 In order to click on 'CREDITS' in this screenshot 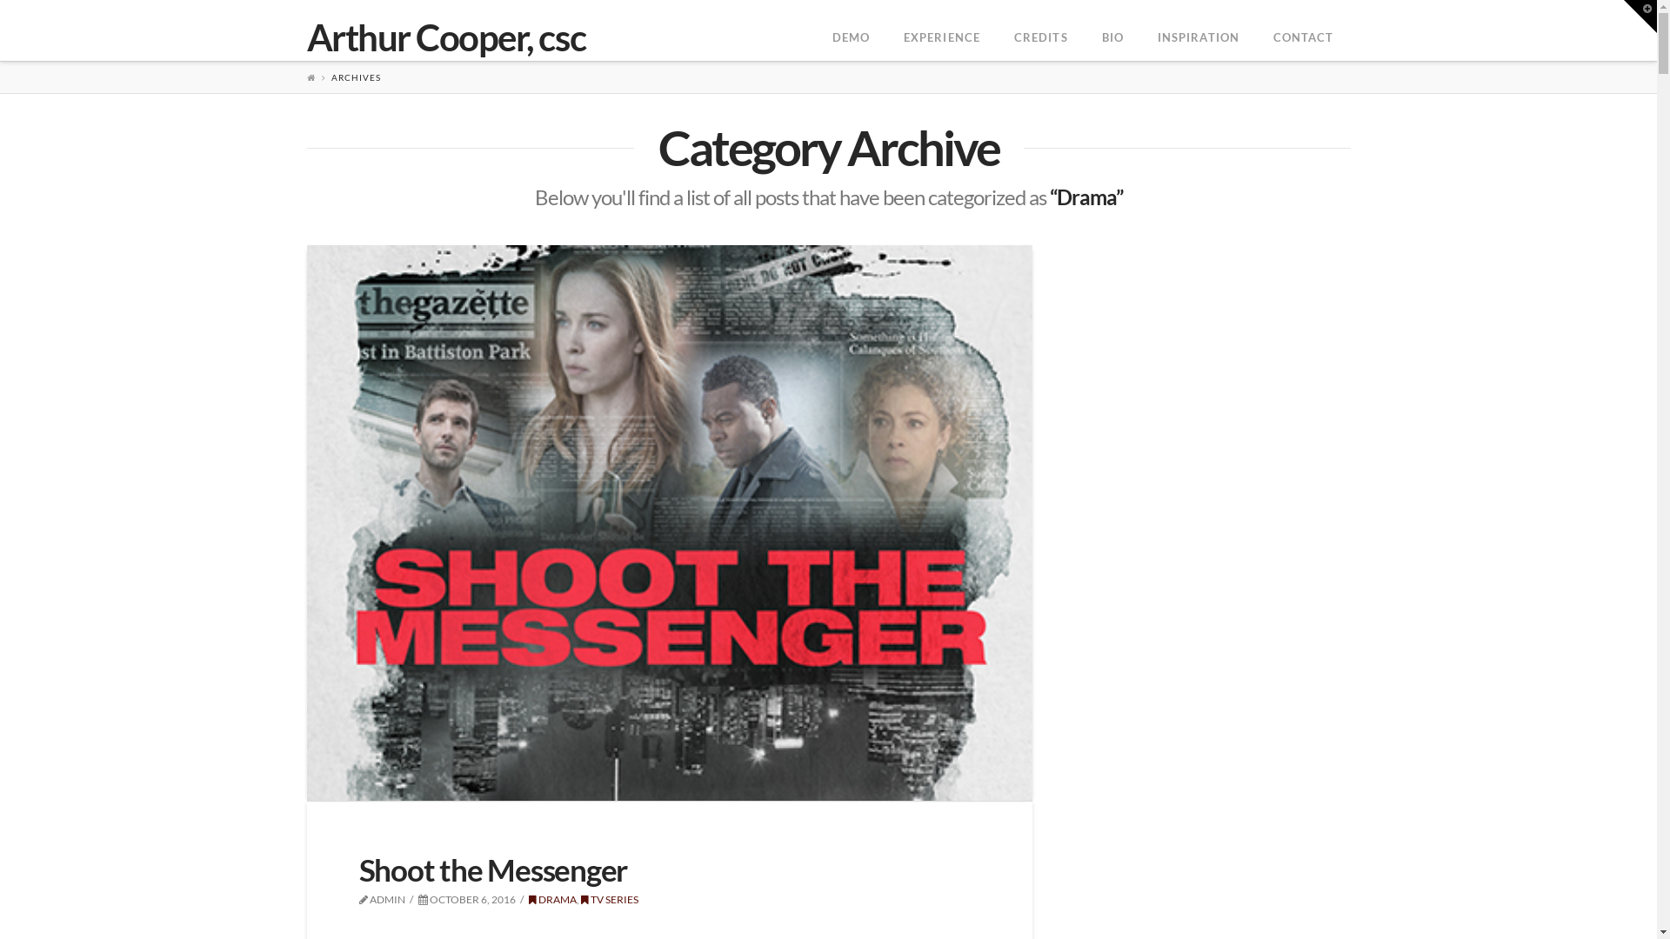, I will do `click(1040, 30)`.